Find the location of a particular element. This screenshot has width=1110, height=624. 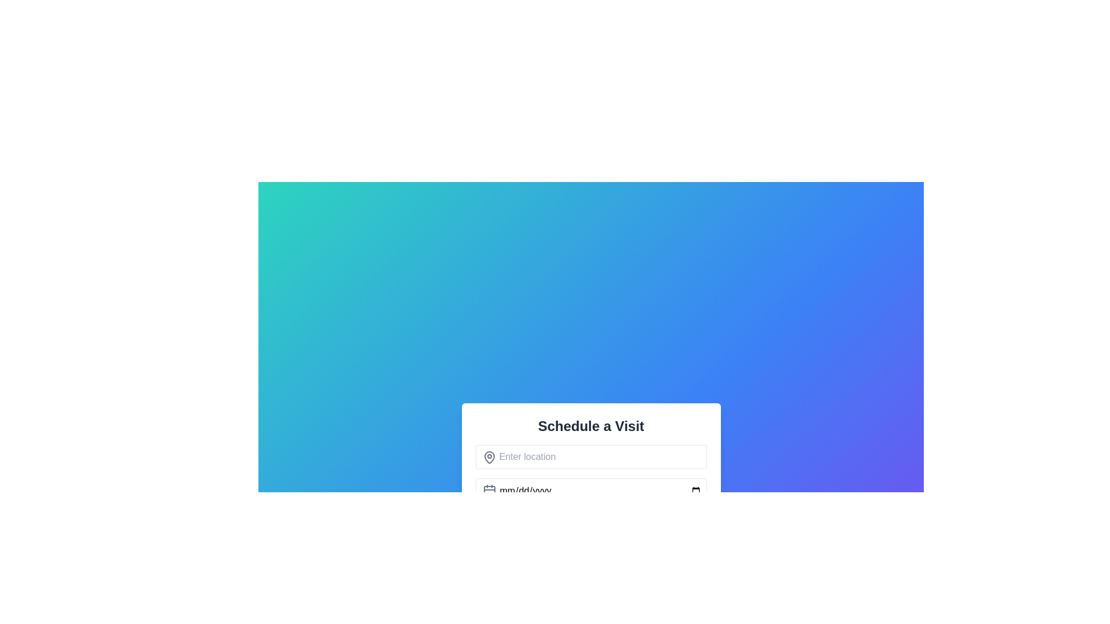

the rectangular shape with rounded corners that is part of the calendar icon located to the left of the 'mm/dd/yyyy' input field in the 'Schedule a Visit' section is located at coordinates (489, 492).